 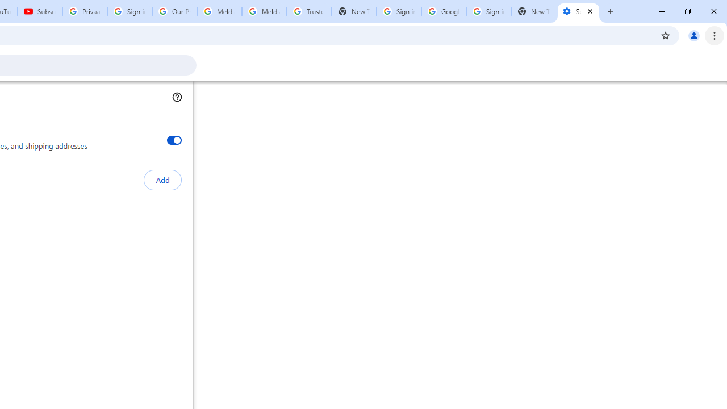 I want to click on 'New Tab', so click(x=533, y=11).